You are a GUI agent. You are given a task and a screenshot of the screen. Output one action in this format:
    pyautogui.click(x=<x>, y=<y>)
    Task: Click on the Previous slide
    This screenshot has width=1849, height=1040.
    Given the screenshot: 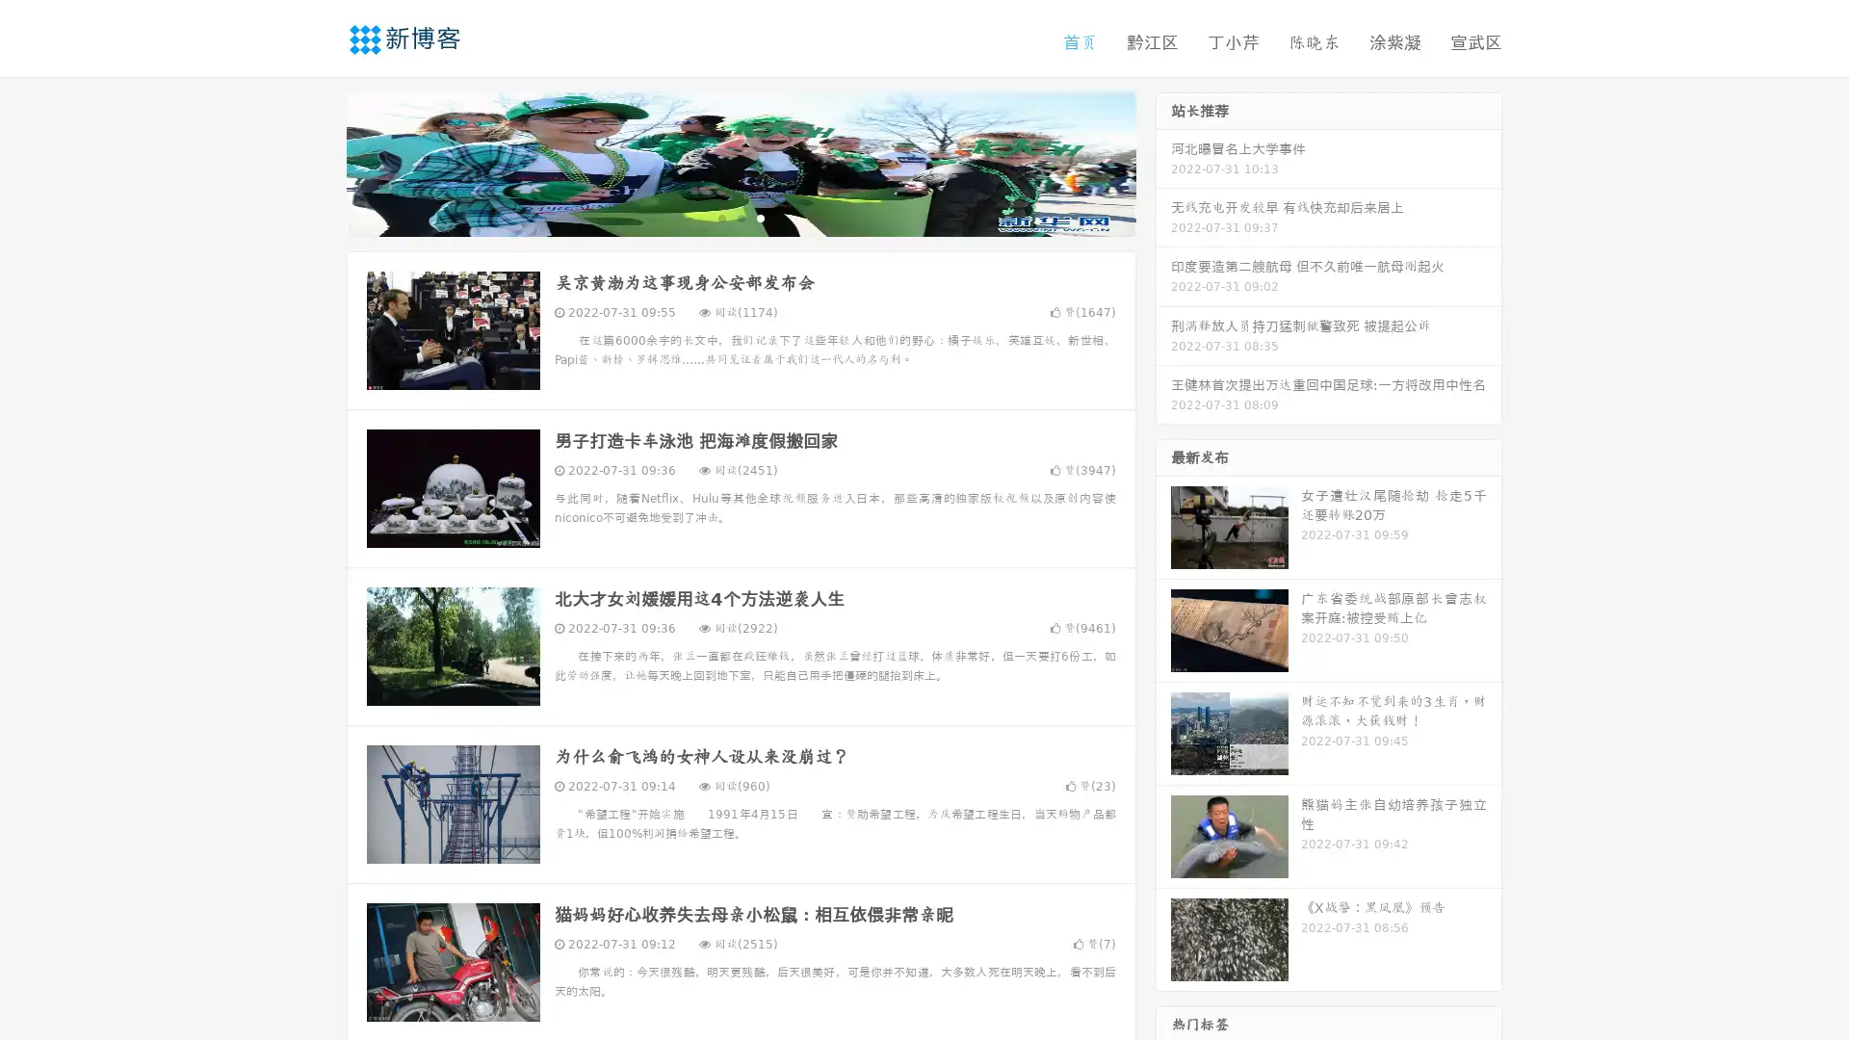 What is the action you would take?
    pyautogui.click(x=318, y=162)
    